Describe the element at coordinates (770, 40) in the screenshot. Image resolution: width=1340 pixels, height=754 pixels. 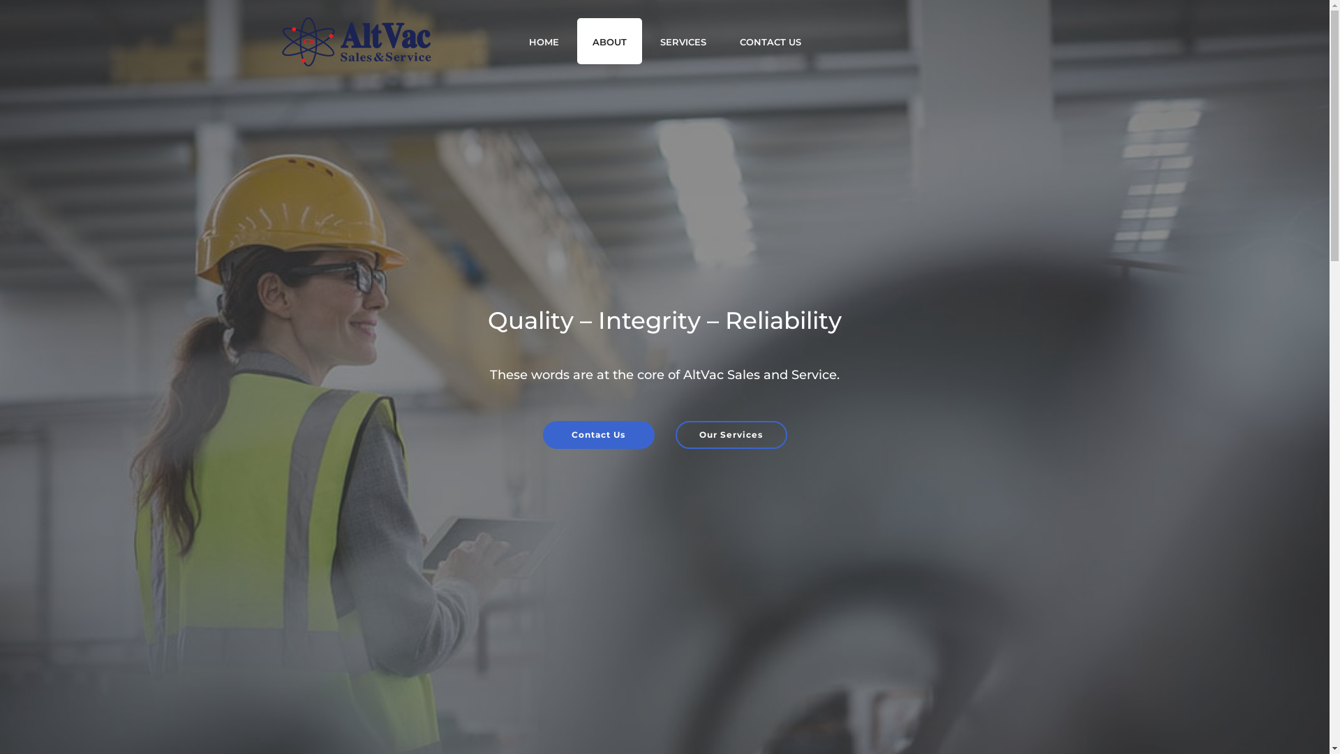
I see `'CONTACT US'` at that location.